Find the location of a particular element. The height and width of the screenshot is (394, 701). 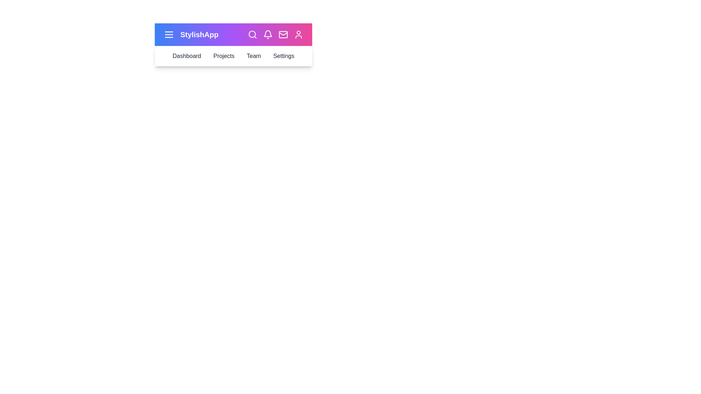

the menu icon to toggle the menu is located at coordinates (168, 35).